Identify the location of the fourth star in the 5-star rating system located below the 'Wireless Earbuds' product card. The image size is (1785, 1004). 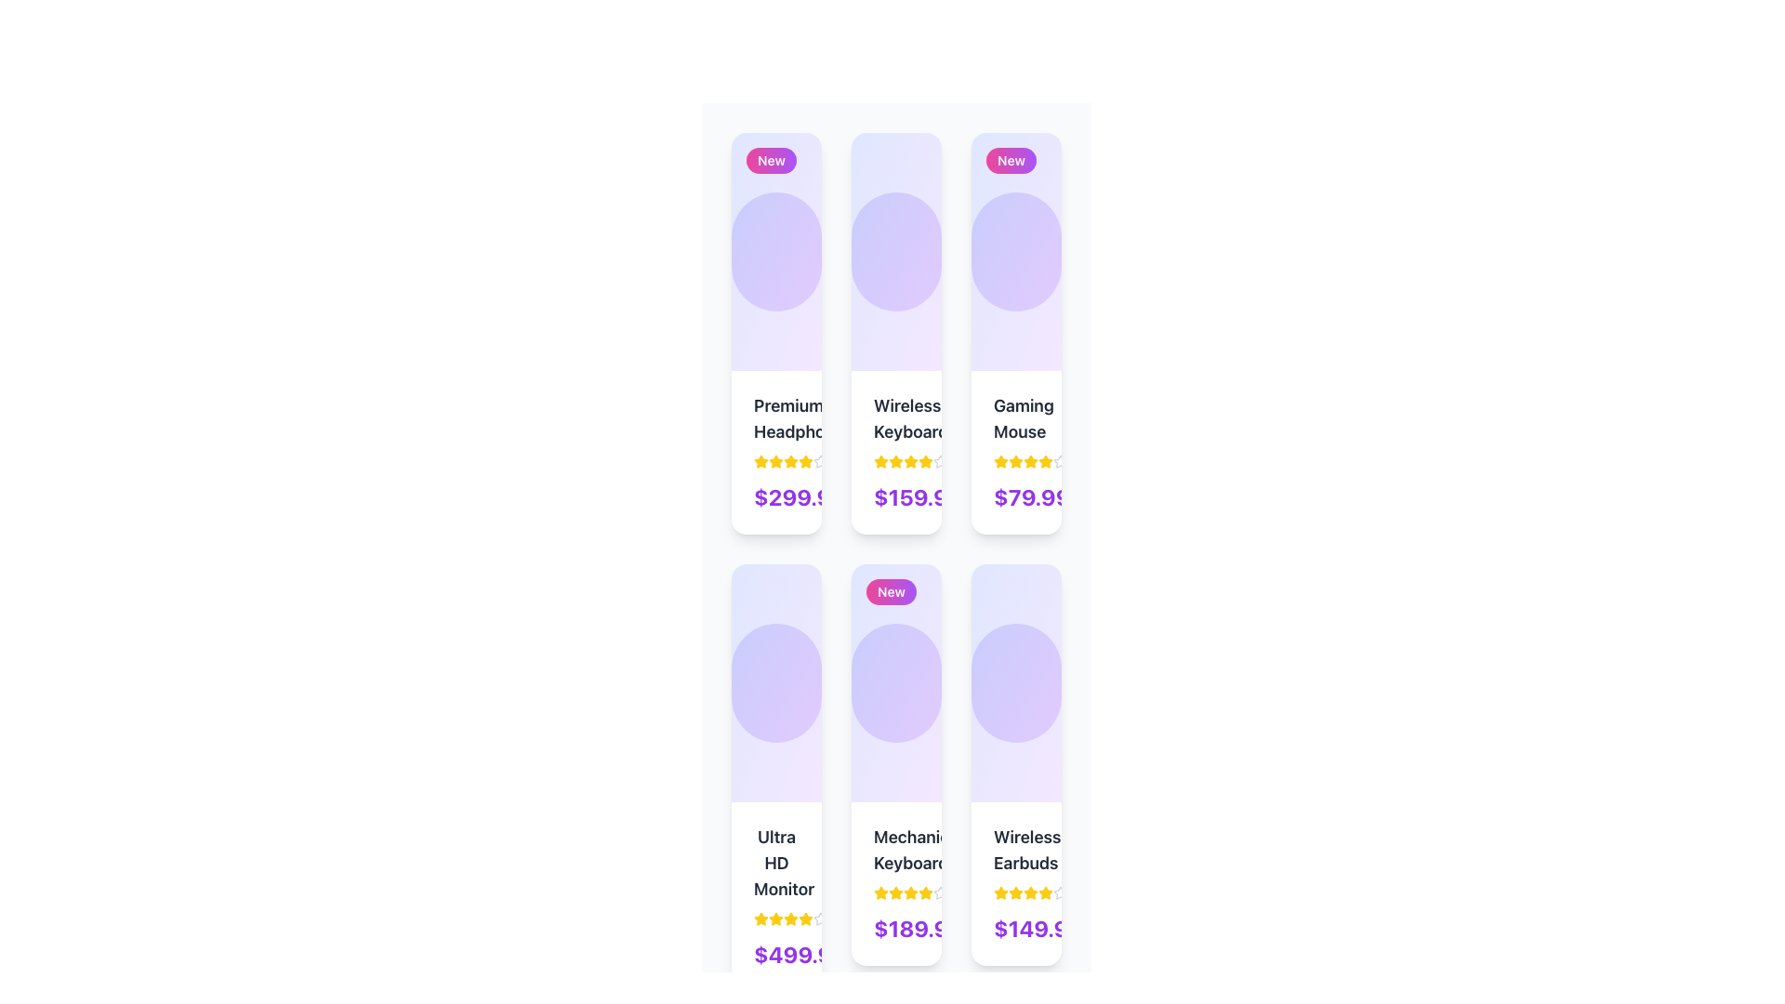
(1029, 892).